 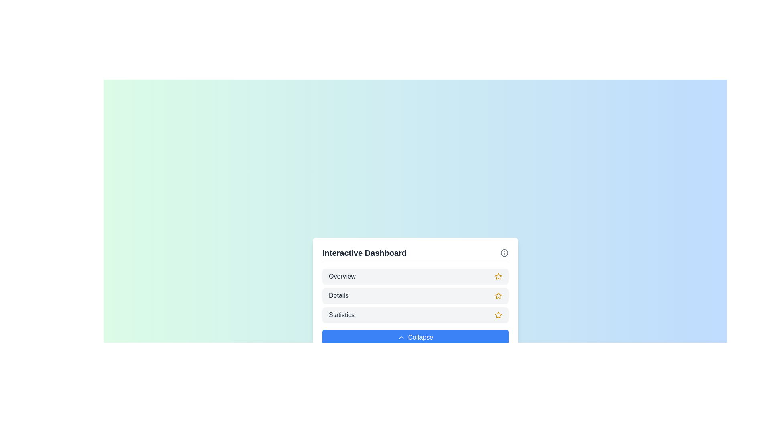 I want to click on the second star-shaped icon located on the right-hand side of the 'Details' list item, so click(x=498, y=295).